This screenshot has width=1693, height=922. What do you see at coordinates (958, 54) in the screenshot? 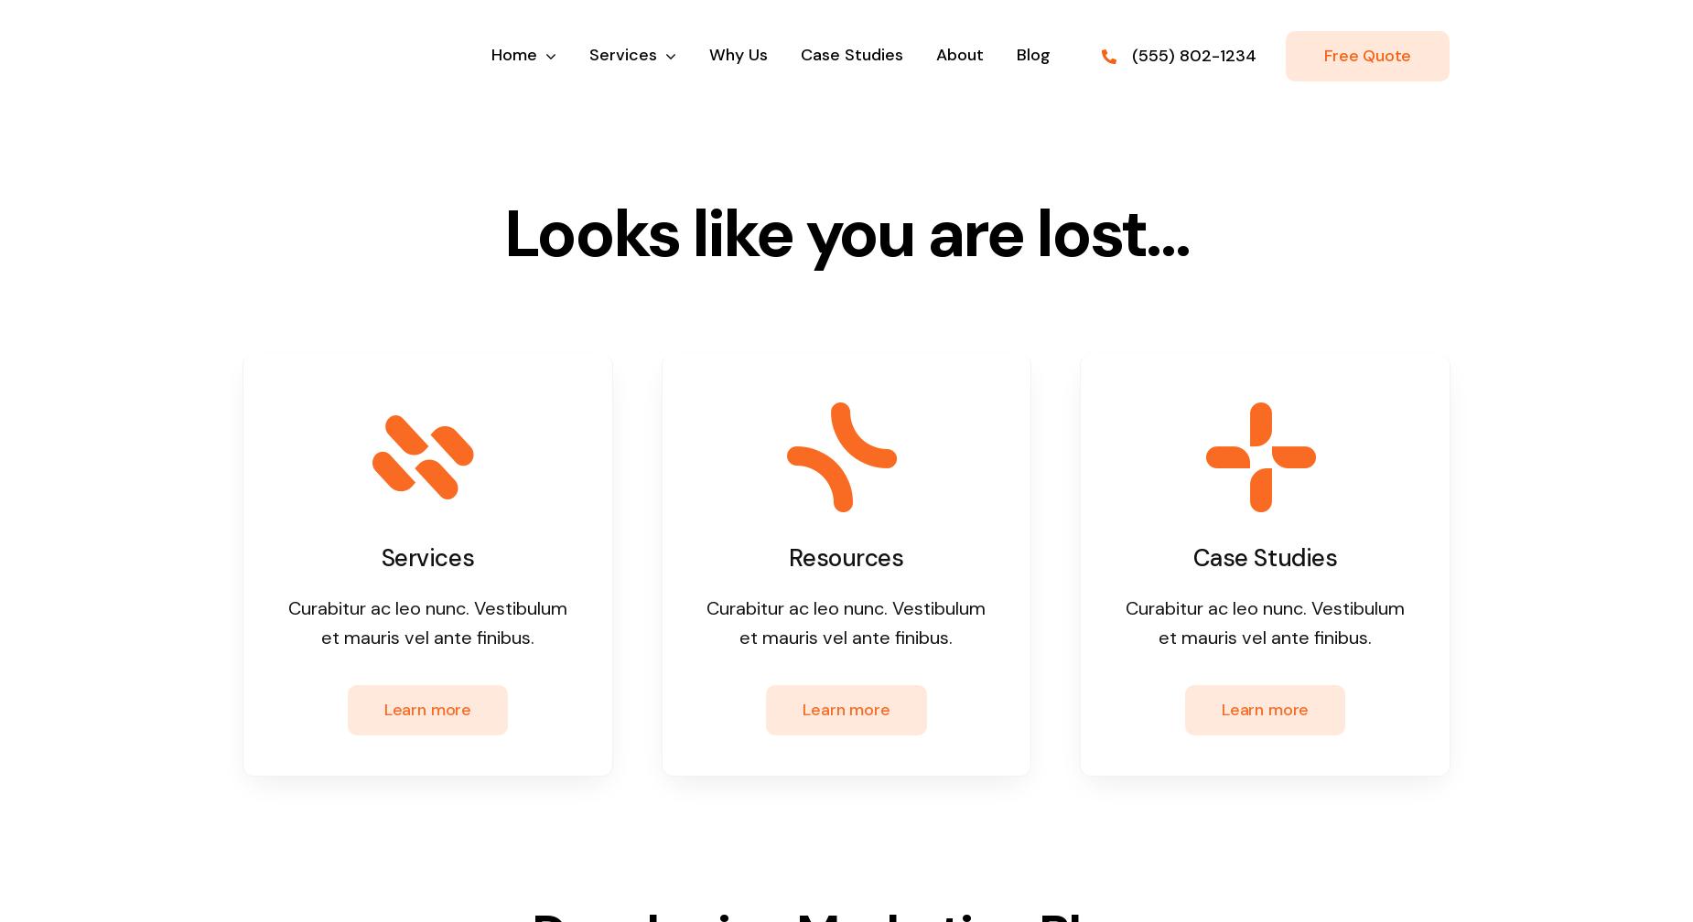
I see `'About'` at bounding box center [958, 54].